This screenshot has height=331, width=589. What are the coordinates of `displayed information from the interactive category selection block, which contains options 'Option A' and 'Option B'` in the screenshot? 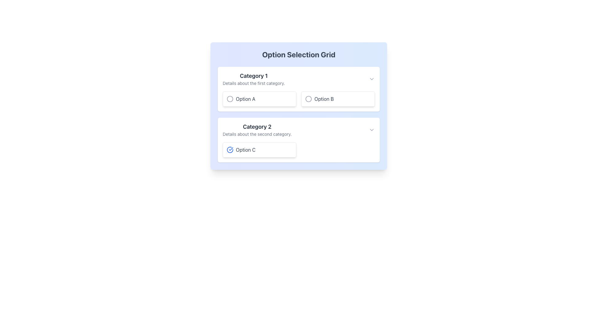 It's located at (299, 89).